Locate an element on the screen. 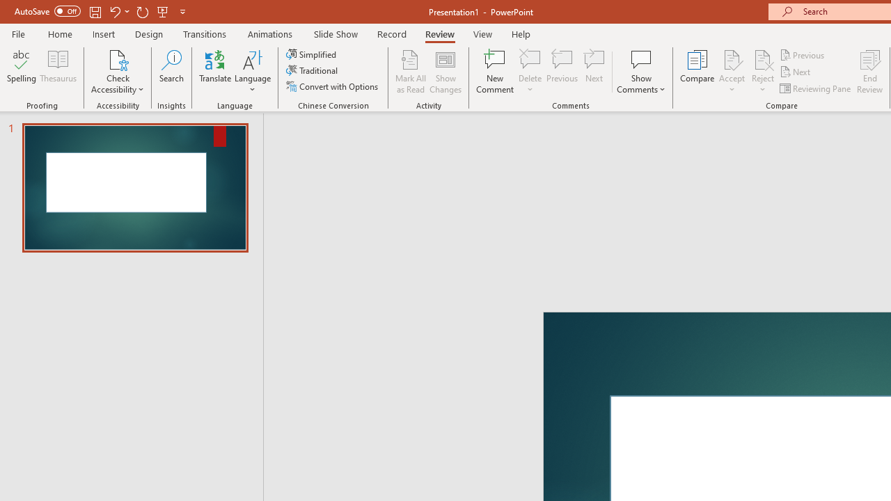  'Spelling...' is located at coordinates (22, 72).